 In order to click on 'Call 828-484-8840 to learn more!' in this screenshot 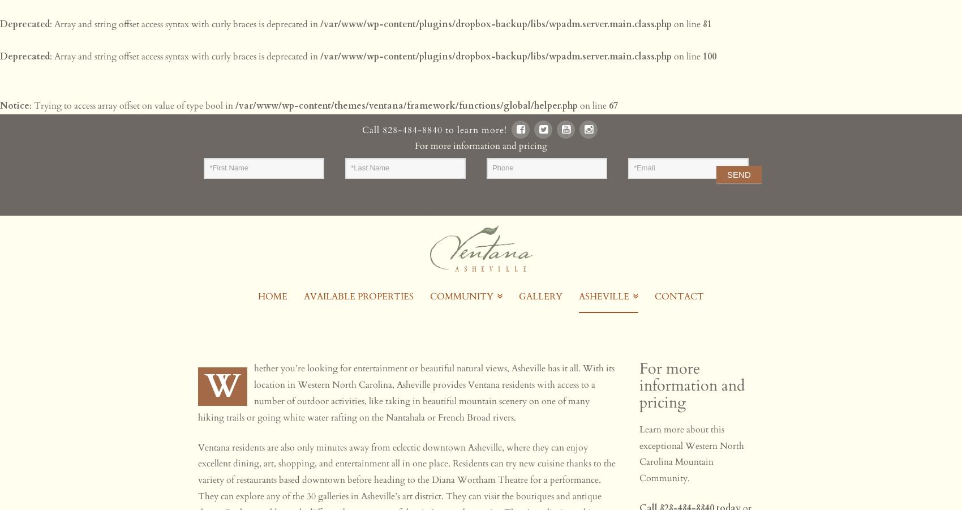, I will do `click(434, 129)`.